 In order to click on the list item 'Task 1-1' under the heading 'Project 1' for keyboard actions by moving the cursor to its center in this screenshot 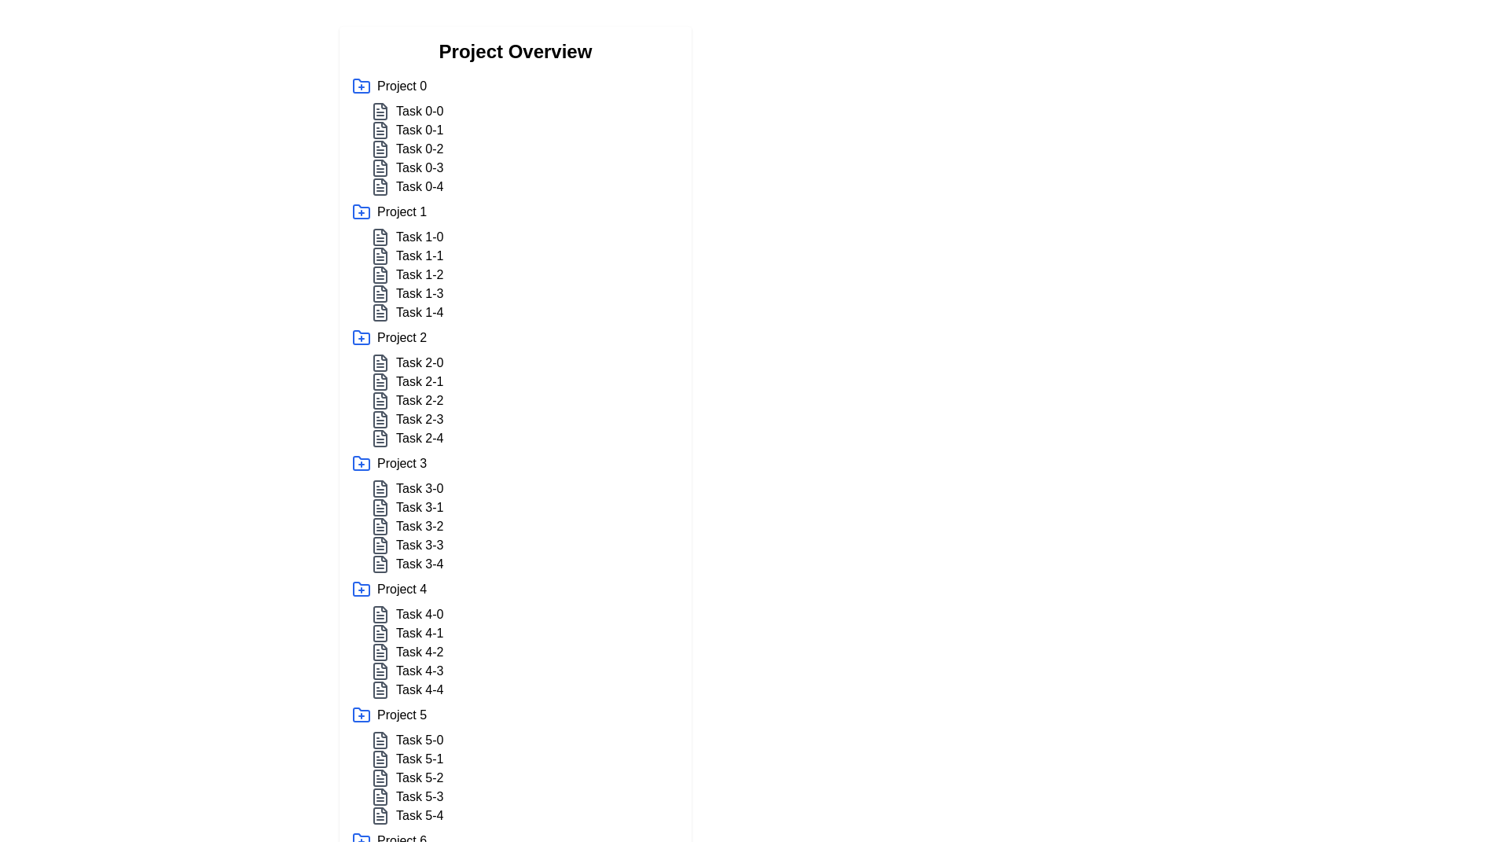, I will do `click(524, 255)`.